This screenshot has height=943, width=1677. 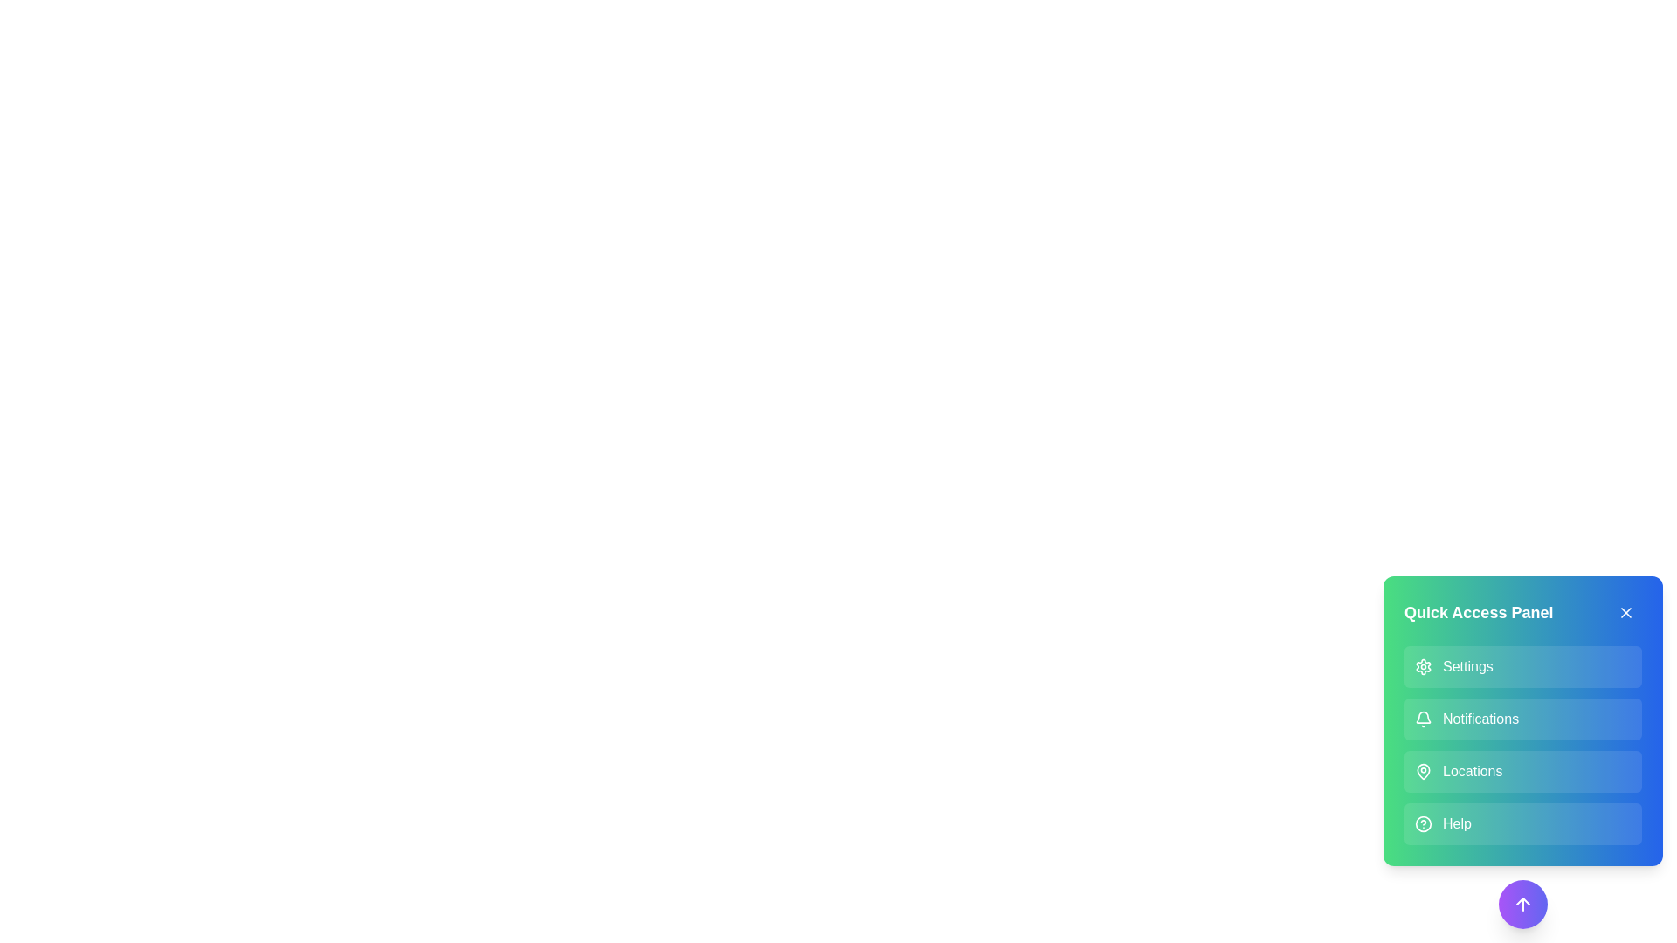 What do you see at coordinates (1522, 904) in the screenshot?
I see `the 'Scroll to Top' button located at the bottom-right corner of the quick access panel` at bounding box center [1522, 904].